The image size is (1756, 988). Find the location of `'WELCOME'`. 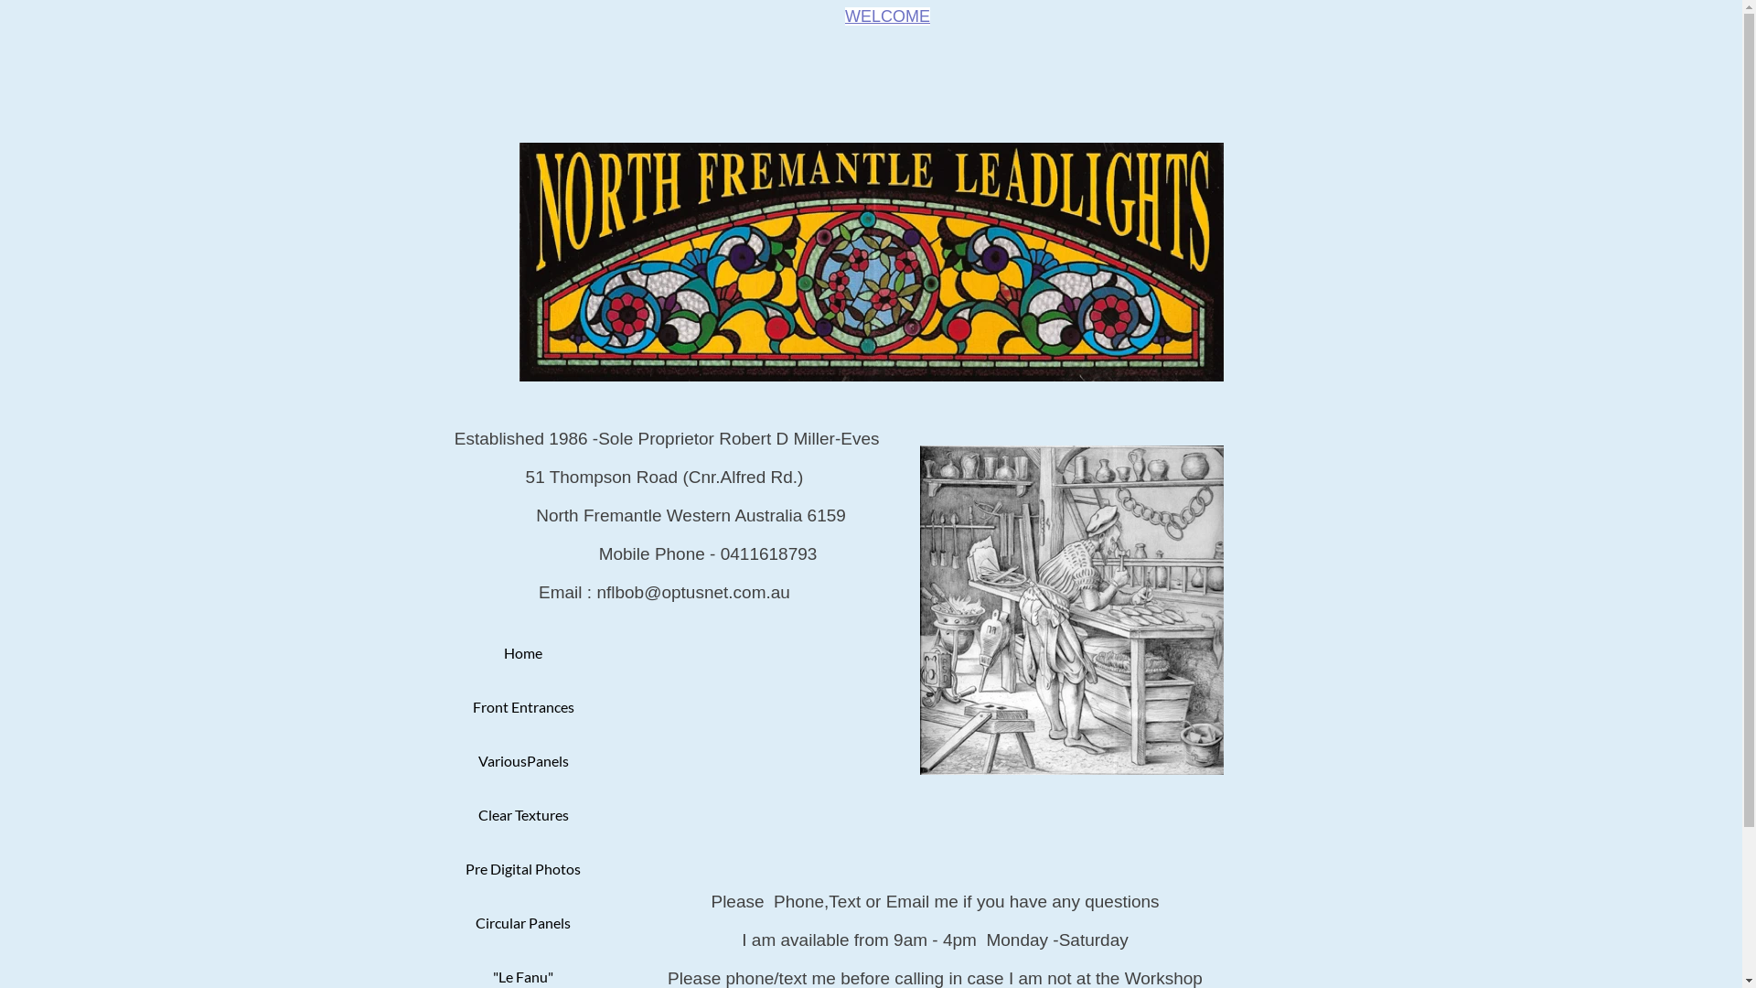

'WELCOME' is located at coordinates (887, 16).